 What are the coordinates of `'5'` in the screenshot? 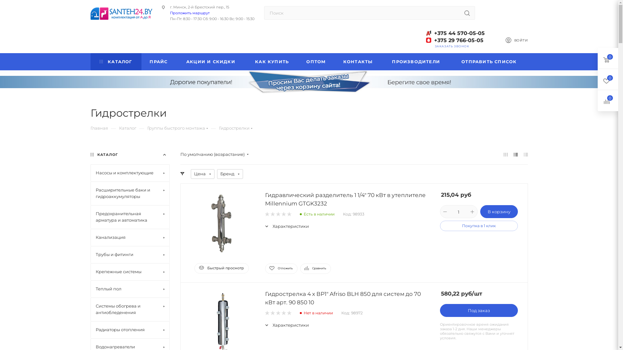 It's located at (288, 214).